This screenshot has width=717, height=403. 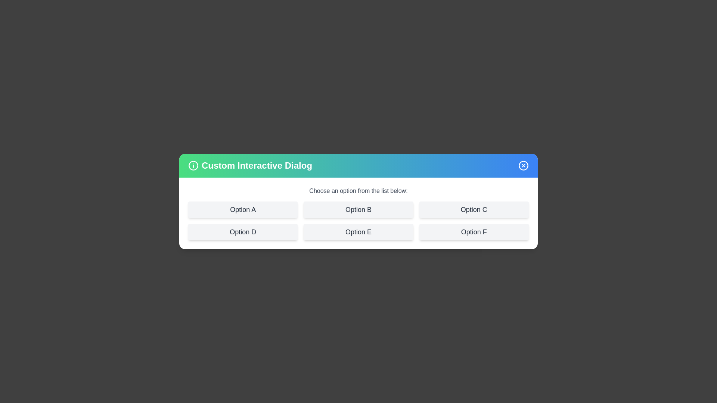 What do you see at coordinates (358, 231) in the screenshot?
I see `the option labeled Option E to see its hover effect` at bounding box center [358, 231].